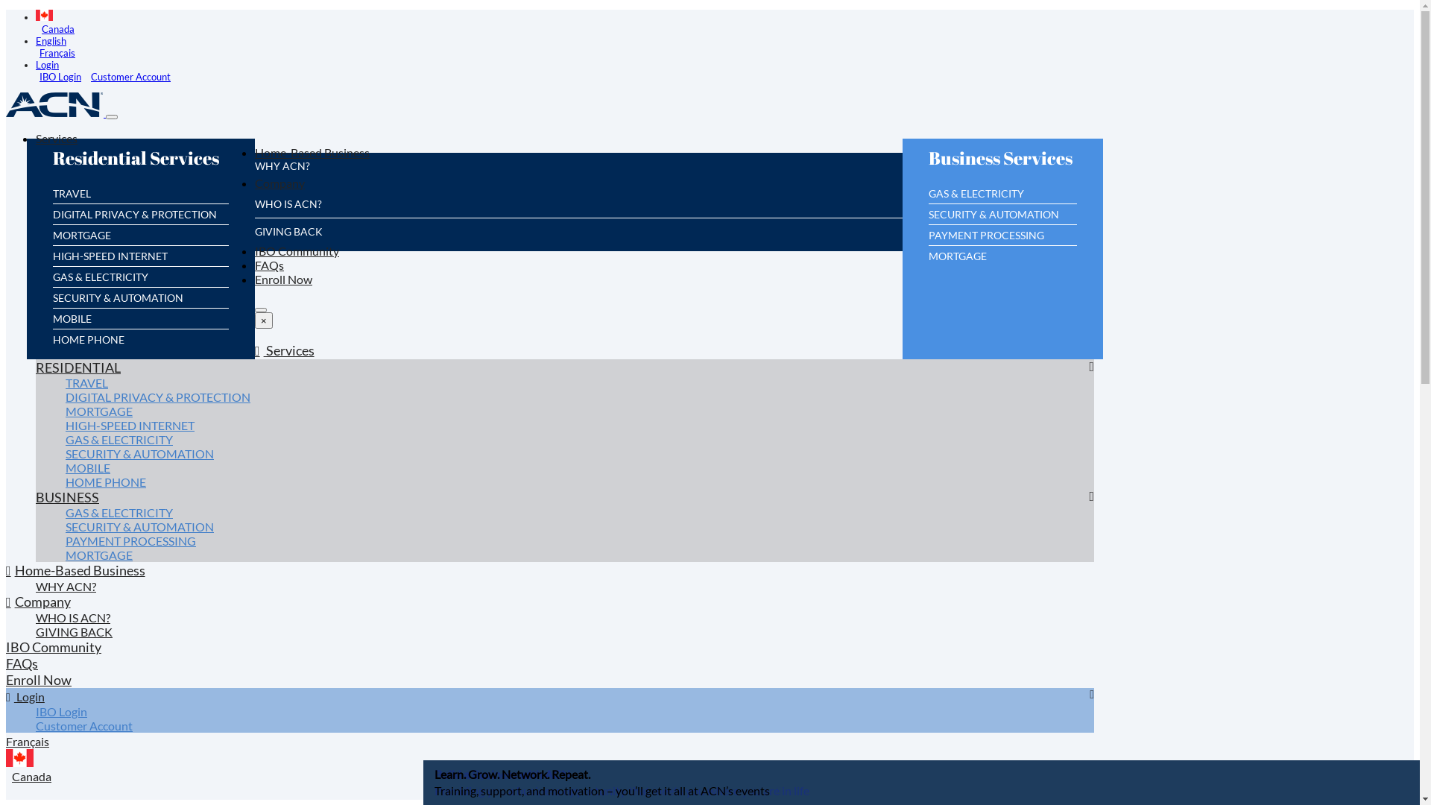  I want to click on 'RESIDENTIAL', so click(78, 372).